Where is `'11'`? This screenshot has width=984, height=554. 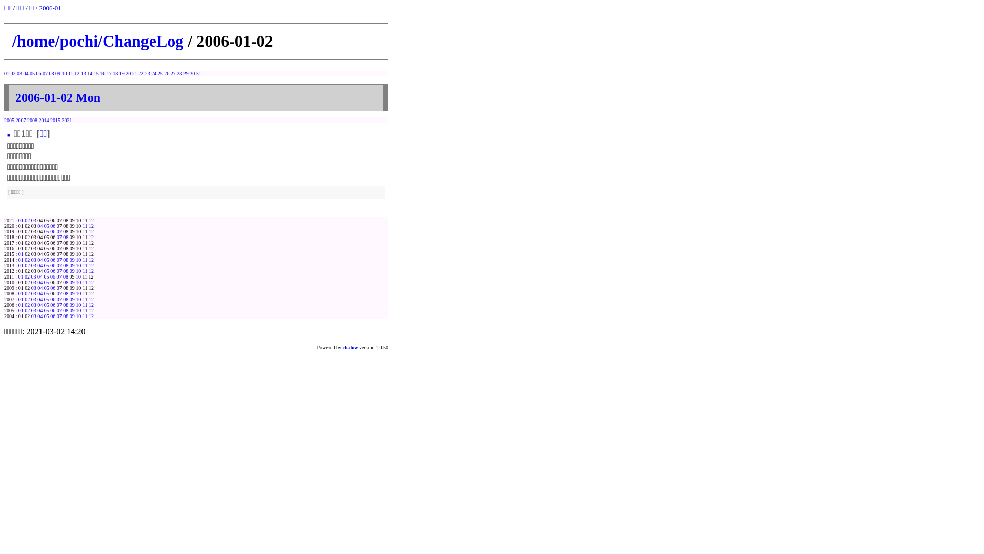
'11' is located at coordinates (85, 310).